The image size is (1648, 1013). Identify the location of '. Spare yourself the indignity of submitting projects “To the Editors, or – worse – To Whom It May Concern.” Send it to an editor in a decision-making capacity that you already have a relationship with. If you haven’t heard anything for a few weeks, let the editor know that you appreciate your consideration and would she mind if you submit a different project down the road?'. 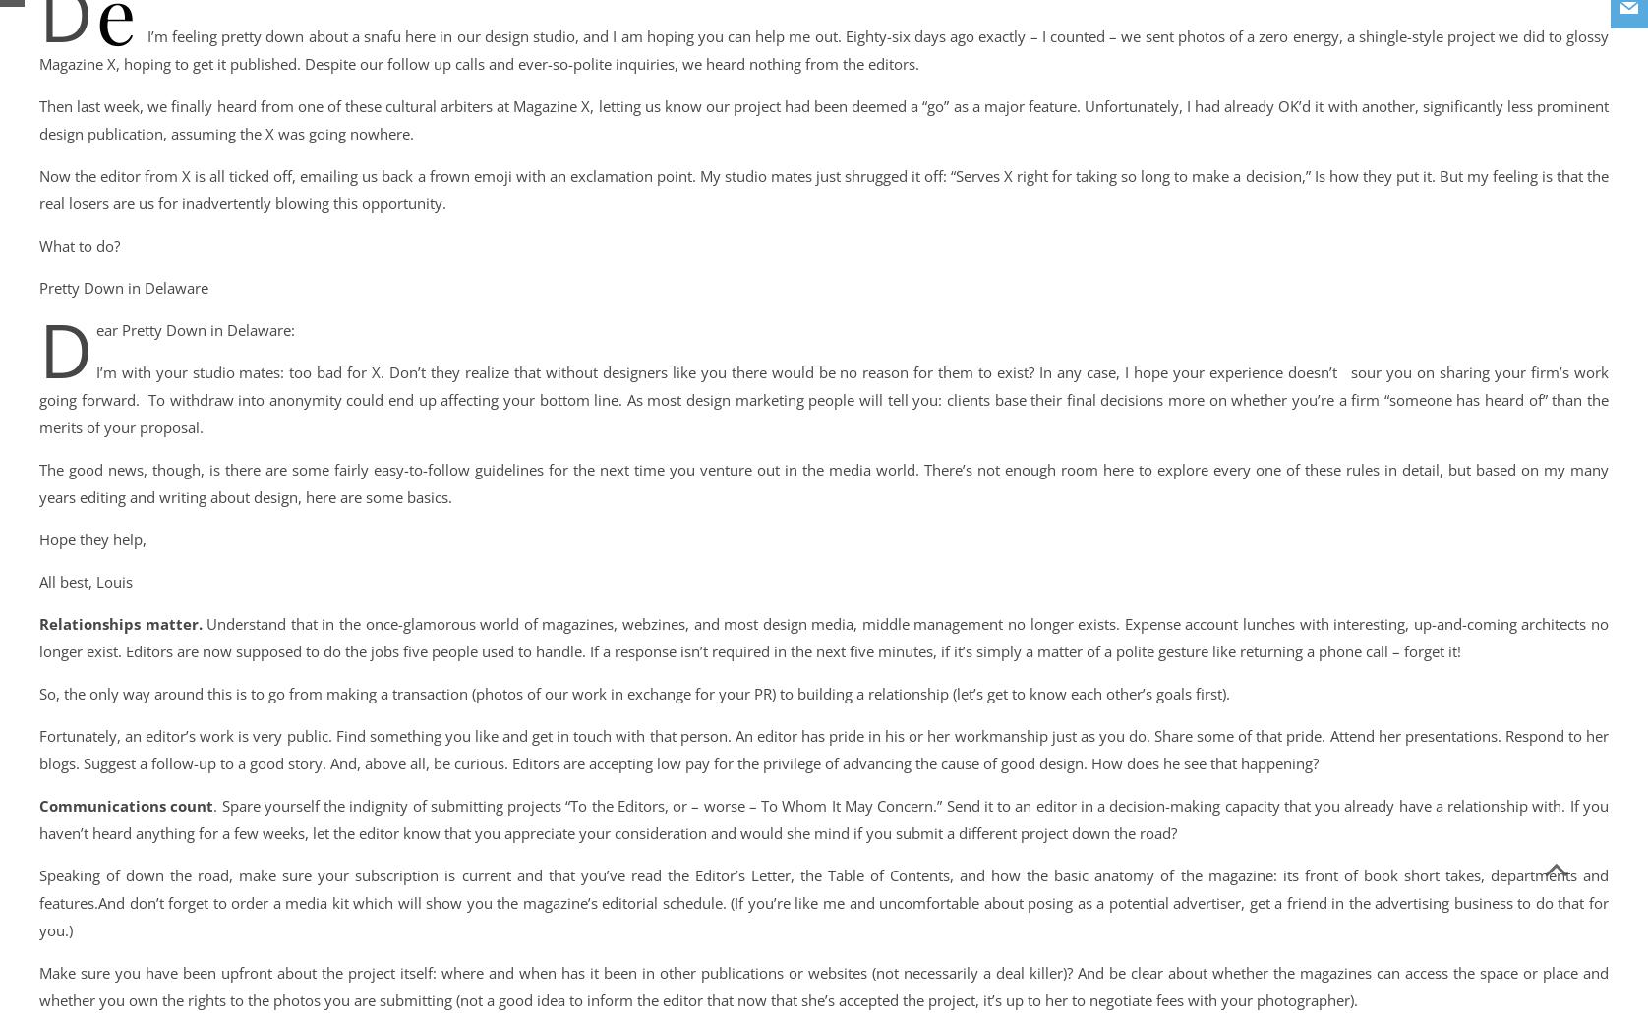
(824, 818).